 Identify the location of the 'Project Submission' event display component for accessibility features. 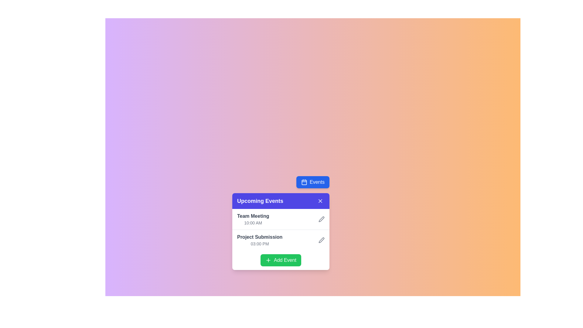
(260, 240).